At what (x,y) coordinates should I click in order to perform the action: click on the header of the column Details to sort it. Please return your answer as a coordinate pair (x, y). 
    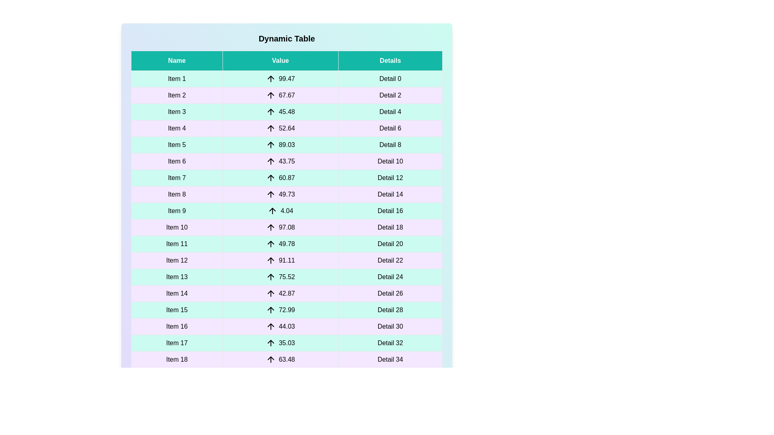
    Looking at the image, I should click on (390, 60).